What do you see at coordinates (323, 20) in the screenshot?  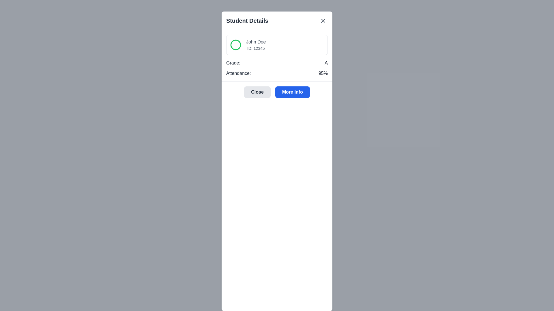 I see `the circular button with a dark gray 'X' icon located at the top-right corner of the 'Student Details' modal header` at bounding box center [323, 20].